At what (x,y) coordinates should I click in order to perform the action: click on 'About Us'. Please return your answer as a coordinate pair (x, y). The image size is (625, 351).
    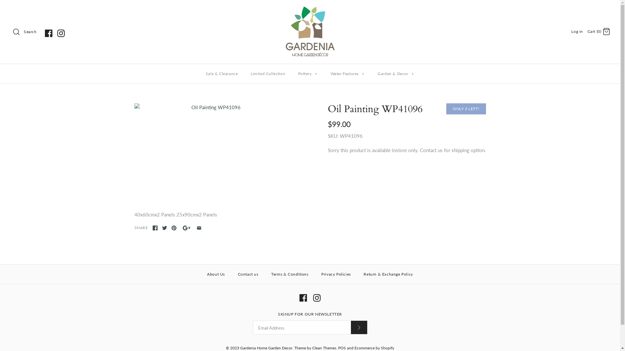
    Looking at the image, I should click on (216, 274).